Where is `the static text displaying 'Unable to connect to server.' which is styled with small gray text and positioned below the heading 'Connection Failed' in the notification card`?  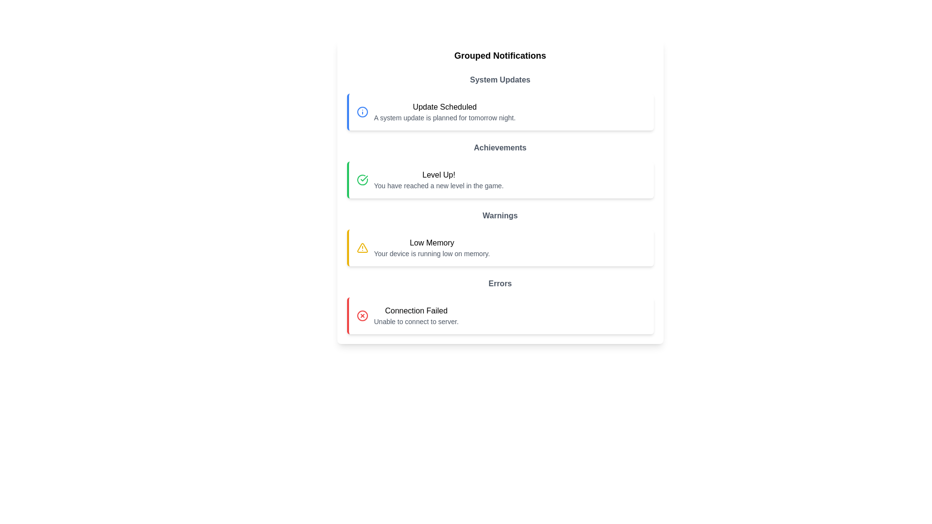
the static text displaying 'Unable to connect to server.' which is styled with small gray text and positioned below the heading 'Connection Failed' in the notification card is located at coordinates (416, 322).